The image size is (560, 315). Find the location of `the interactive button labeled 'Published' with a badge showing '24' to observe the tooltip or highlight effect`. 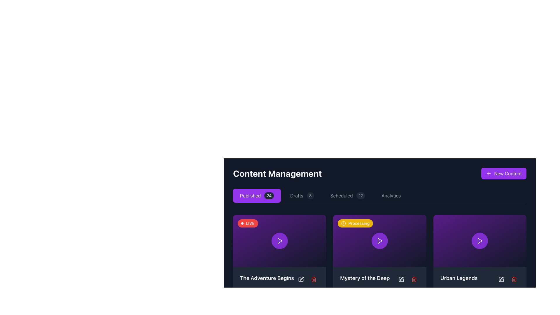

the interactive button labeled 'Published' with a badge showing '24' to observe the tooltip or highlight effect is located at coordinates (257, 196).